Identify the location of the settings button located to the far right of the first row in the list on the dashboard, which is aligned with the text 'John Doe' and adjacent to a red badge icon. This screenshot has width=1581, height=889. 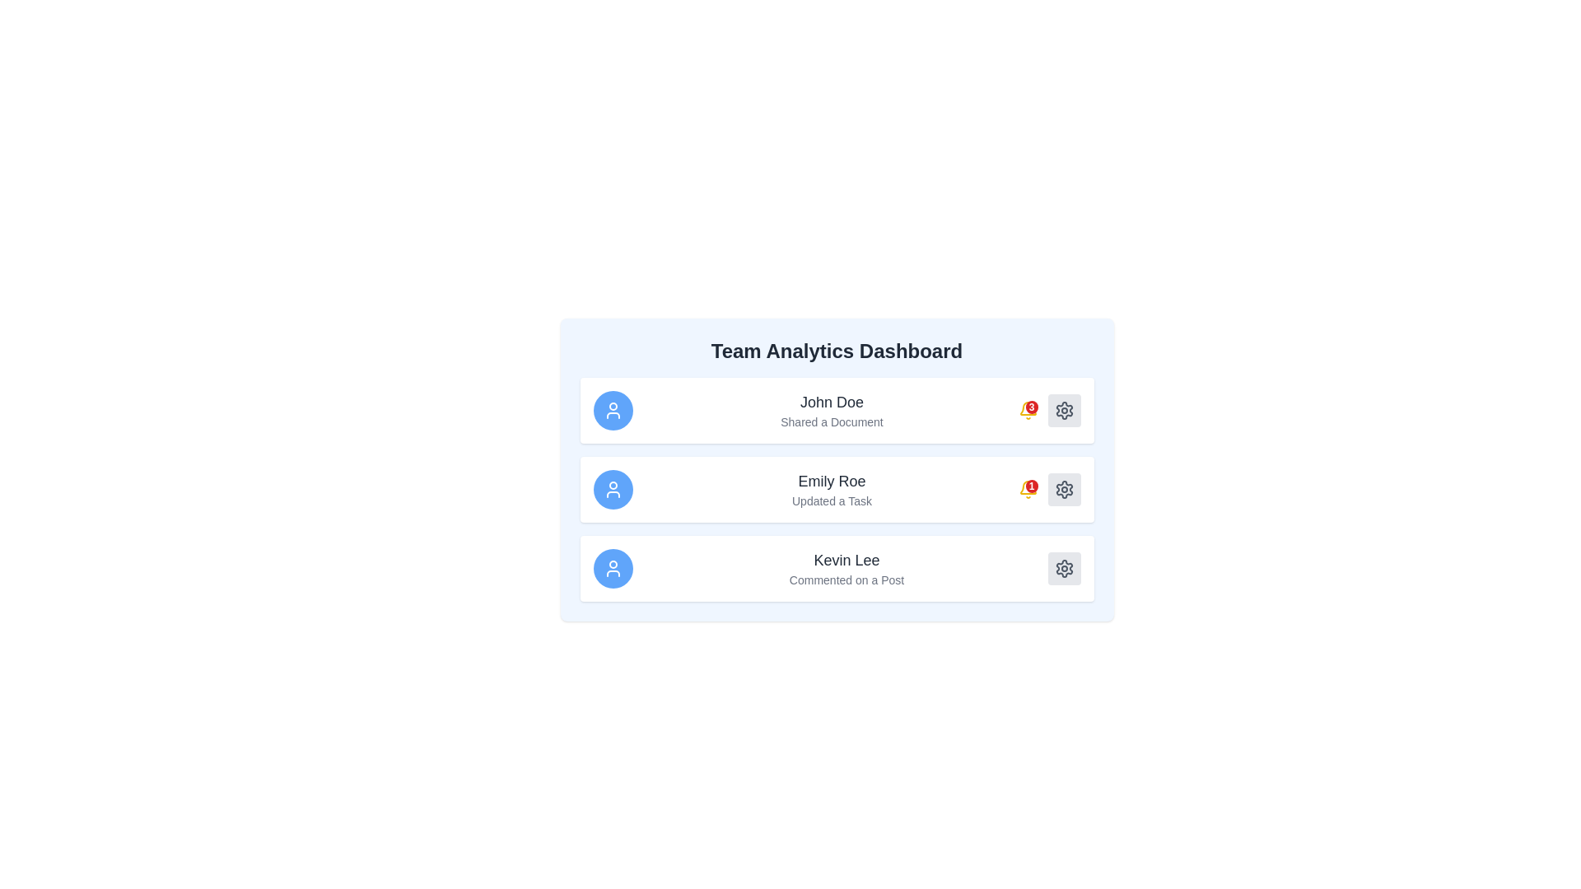
(1064, 409).